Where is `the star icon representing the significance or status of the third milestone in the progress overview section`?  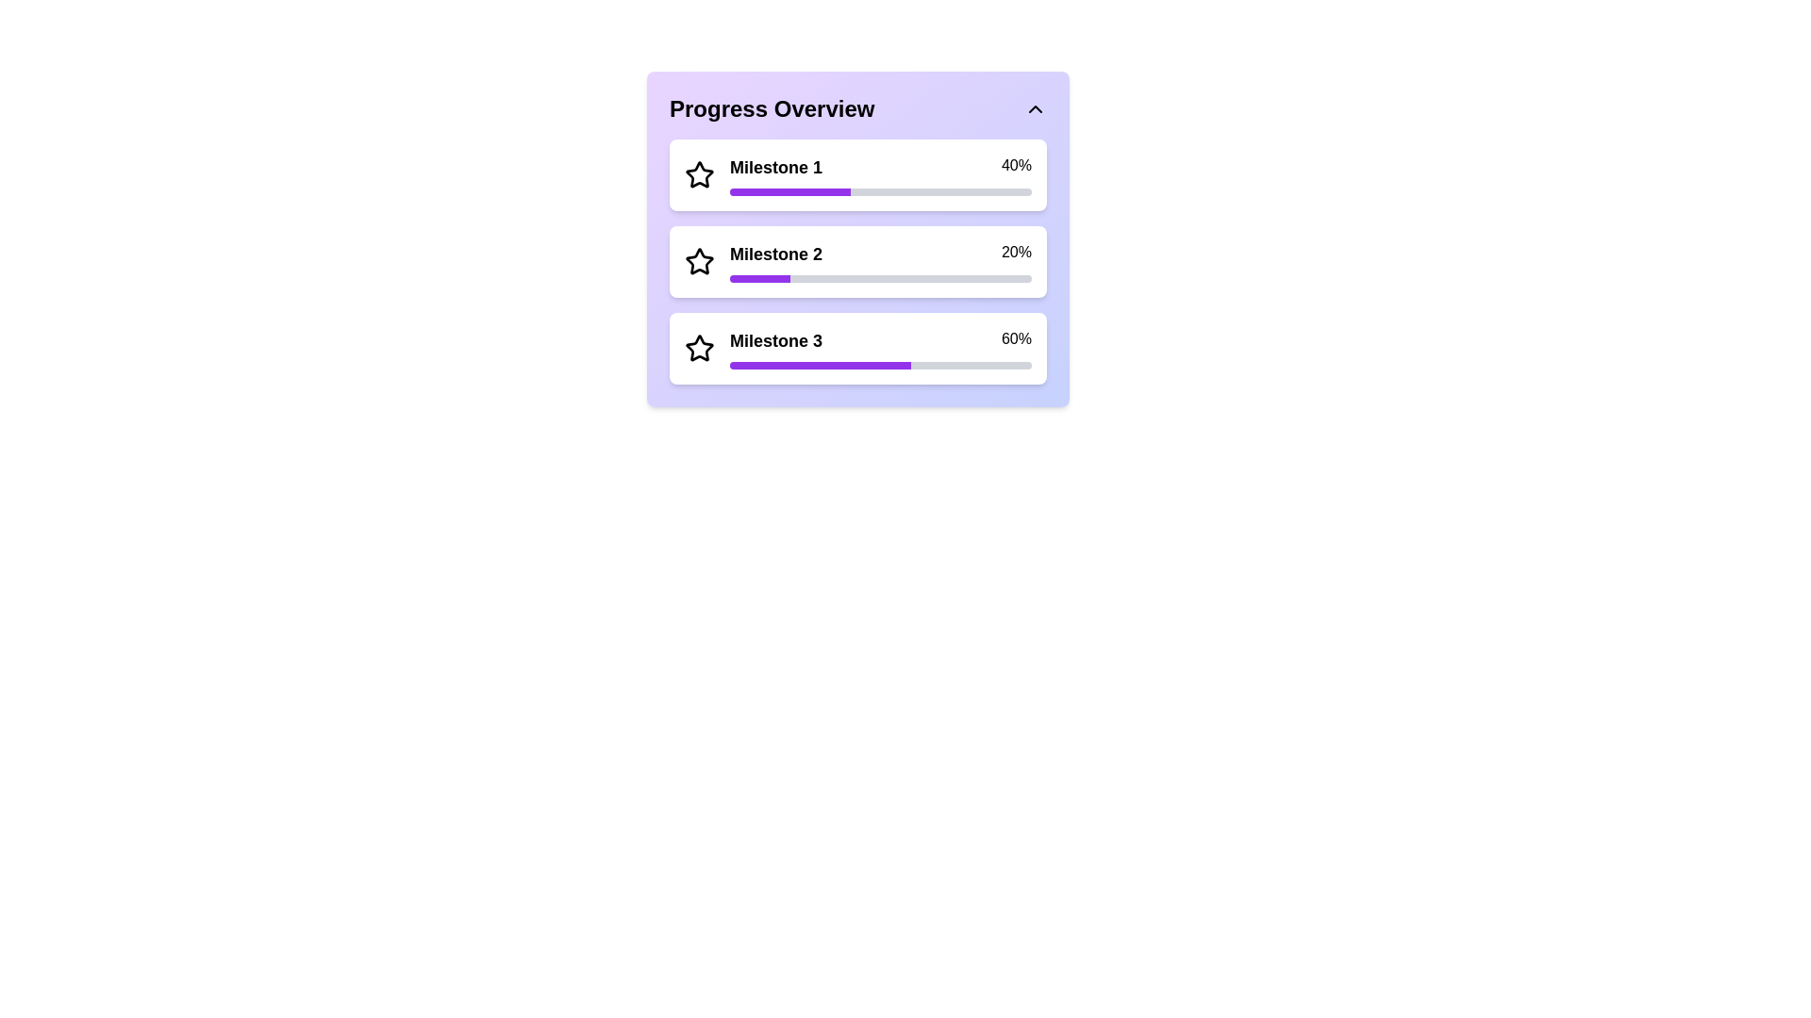 the star icon representing the significance or status of the third milestone in the progress overview section is located at coordinates (697, 348).